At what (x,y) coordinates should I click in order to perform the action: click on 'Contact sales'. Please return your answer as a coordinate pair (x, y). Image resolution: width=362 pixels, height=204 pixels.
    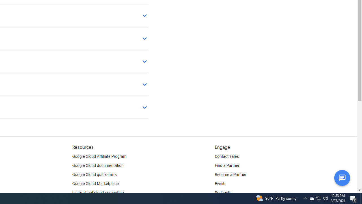
    Looking at the image, I should click on (227, 156).